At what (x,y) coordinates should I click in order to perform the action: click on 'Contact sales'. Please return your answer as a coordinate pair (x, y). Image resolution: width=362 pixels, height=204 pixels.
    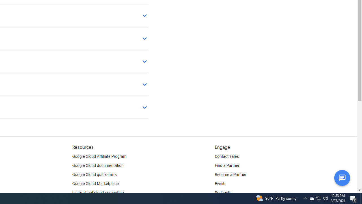
    Looking at the image, I should click on (227, 156).